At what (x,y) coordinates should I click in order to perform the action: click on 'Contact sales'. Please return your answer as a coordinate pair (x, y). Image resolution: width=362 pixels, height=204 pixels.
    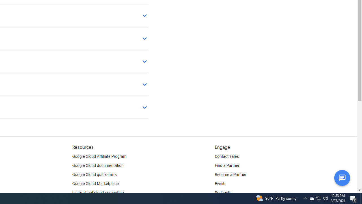
    Looking at the image, I should click on (227, 156).